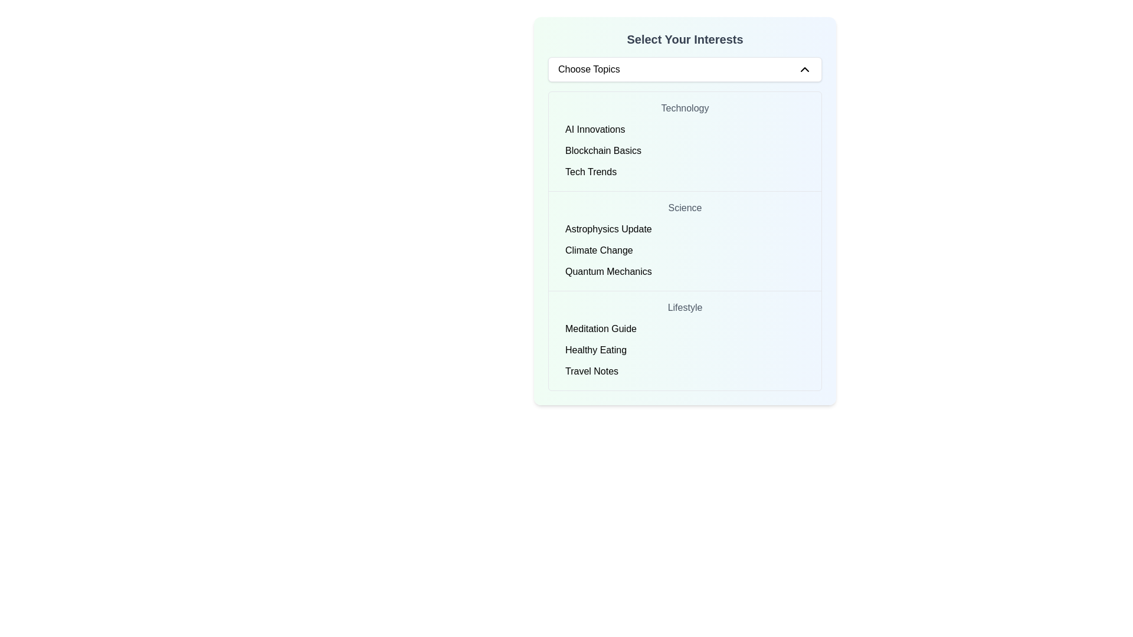 The width and height of the screenshot is (1133, 637). Describe the element at coordinates (685, 249) in the screenshot. I see `the group of selectable options under the 'Science' section` at that location.